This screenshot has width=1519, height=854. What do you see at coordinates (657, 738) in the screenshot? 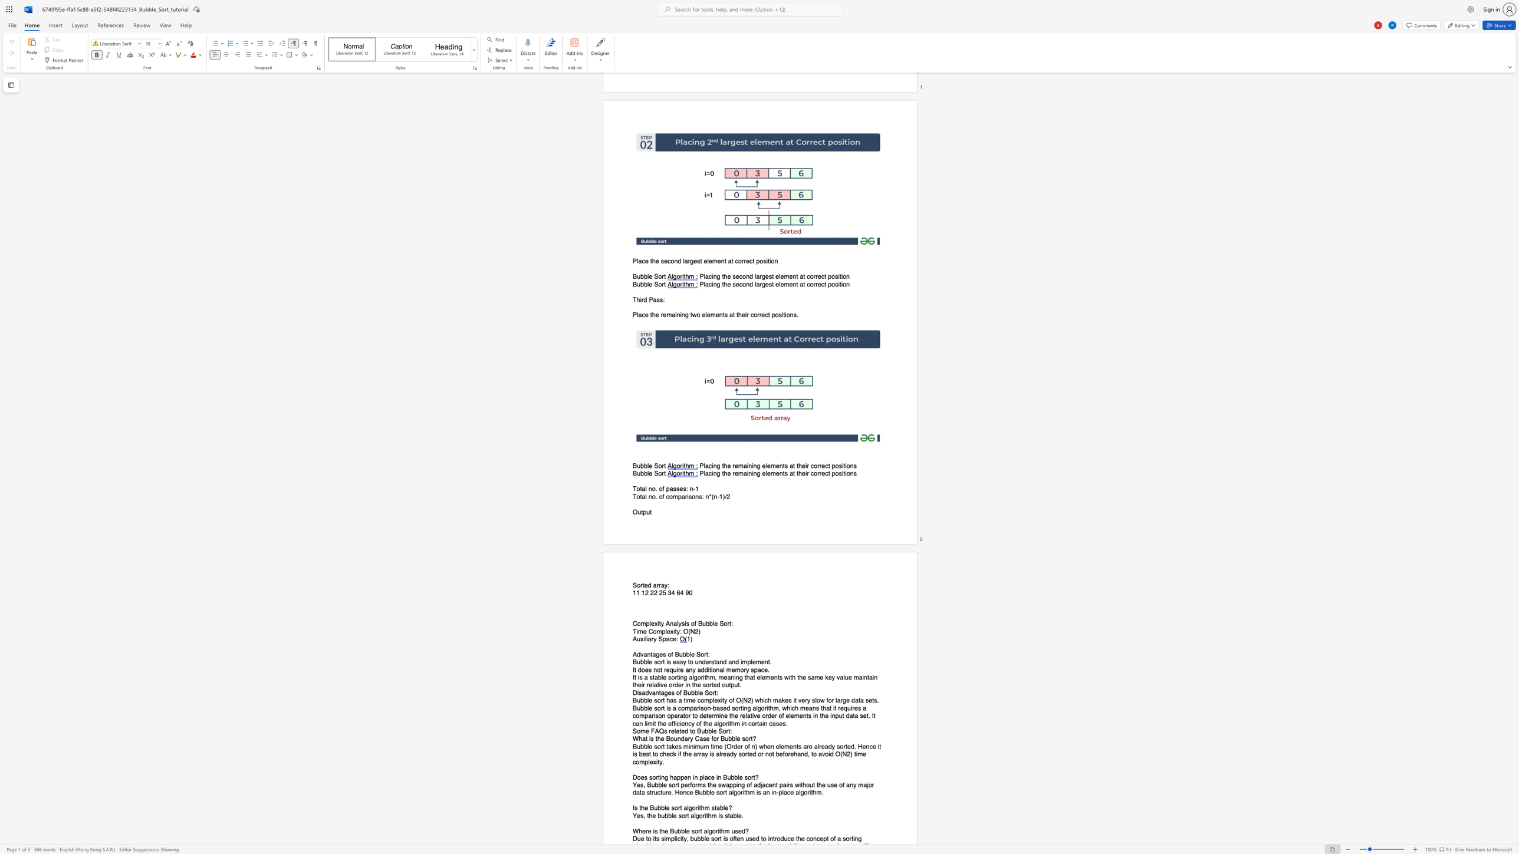
I see `the subset text "he Boundary Case for Bubble sort?" within the text "What is the Boundary Case for Bubble sort?"` at bounding box center [657, 738].